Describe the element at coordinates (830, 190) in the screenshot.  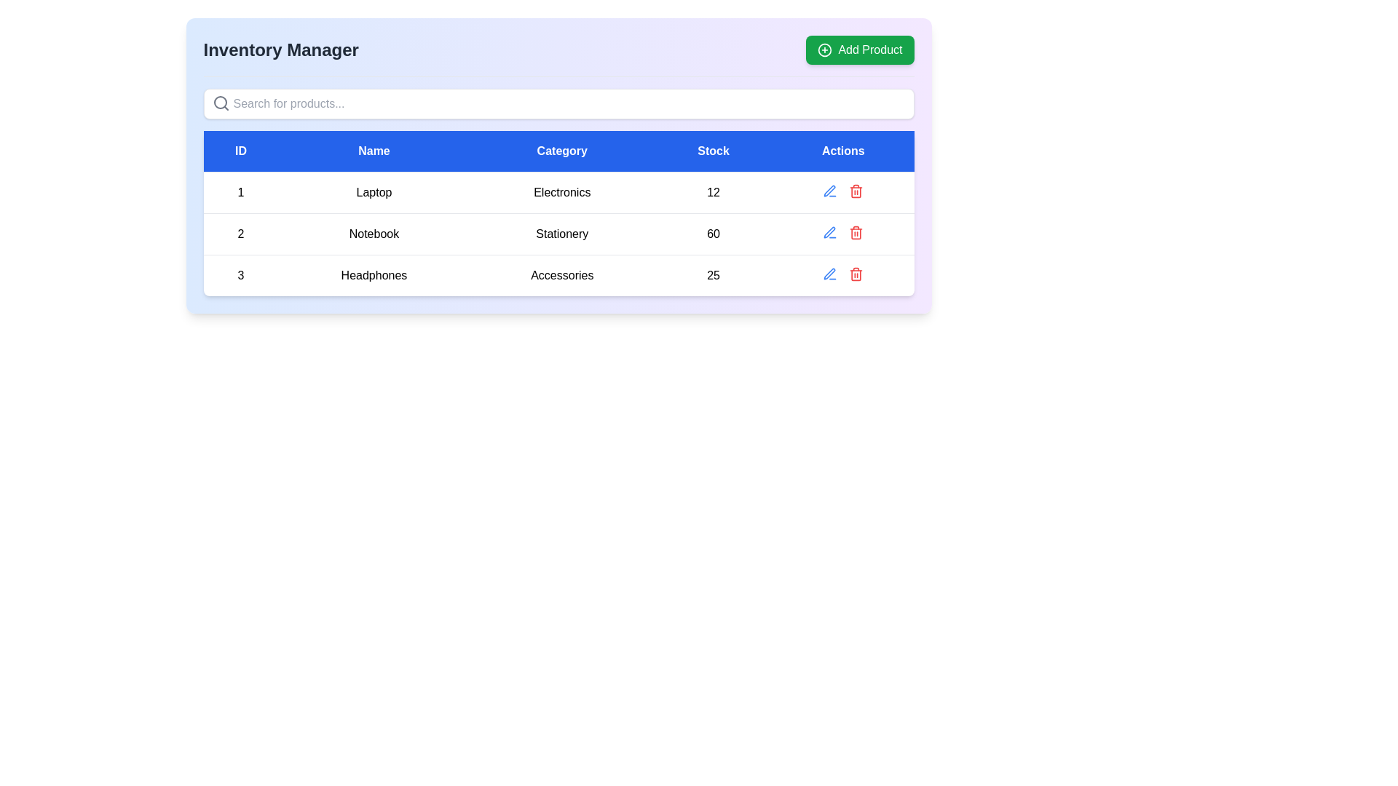
I see `the small blue pen-shaped icon in the 'Actions' column of the second row` at that location.